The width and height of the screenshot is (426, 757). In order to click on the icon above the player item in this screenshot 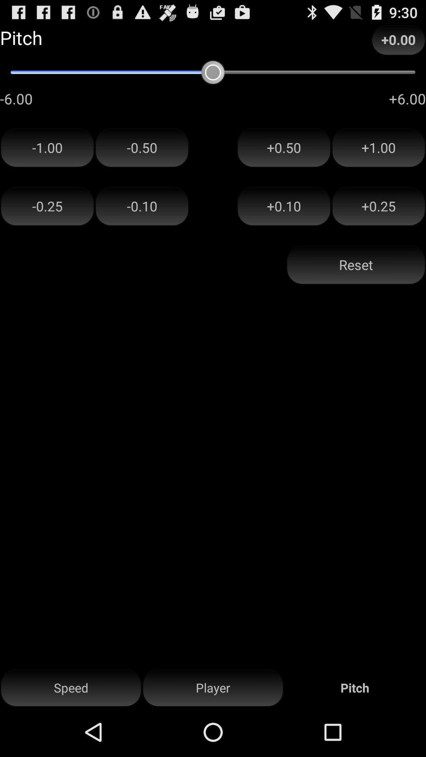, I will do `click(356, 265)`.